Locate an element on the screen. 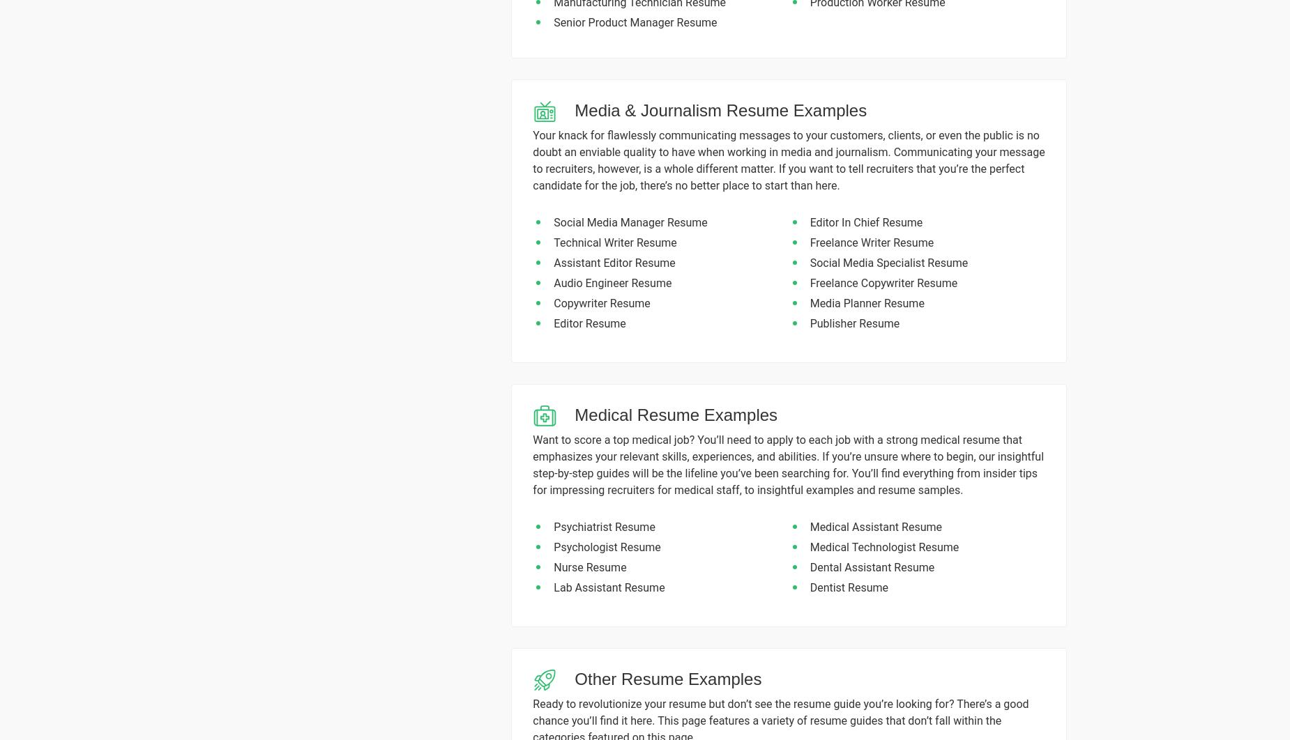 This screenshot has height=740, width=1290. 'Psychologist Resume' is located at coordinates (607, 547).